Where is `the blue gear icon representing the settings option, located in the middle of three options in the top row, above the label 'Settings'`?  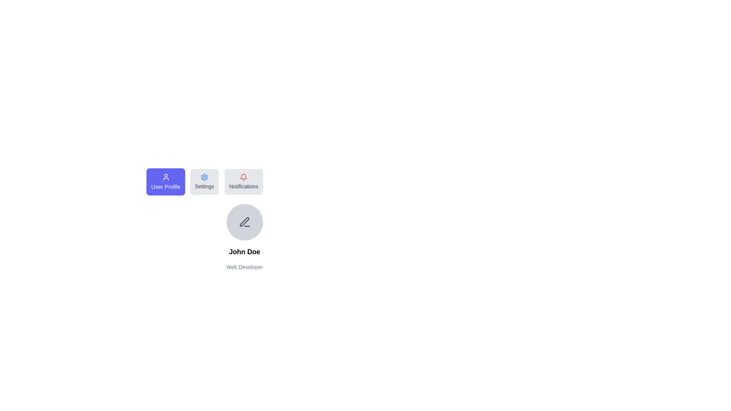 the blue gear icon representing the settings option, located in the middle of three options in the top row, above the label 'Settings' is located at coordinates (204, 177).